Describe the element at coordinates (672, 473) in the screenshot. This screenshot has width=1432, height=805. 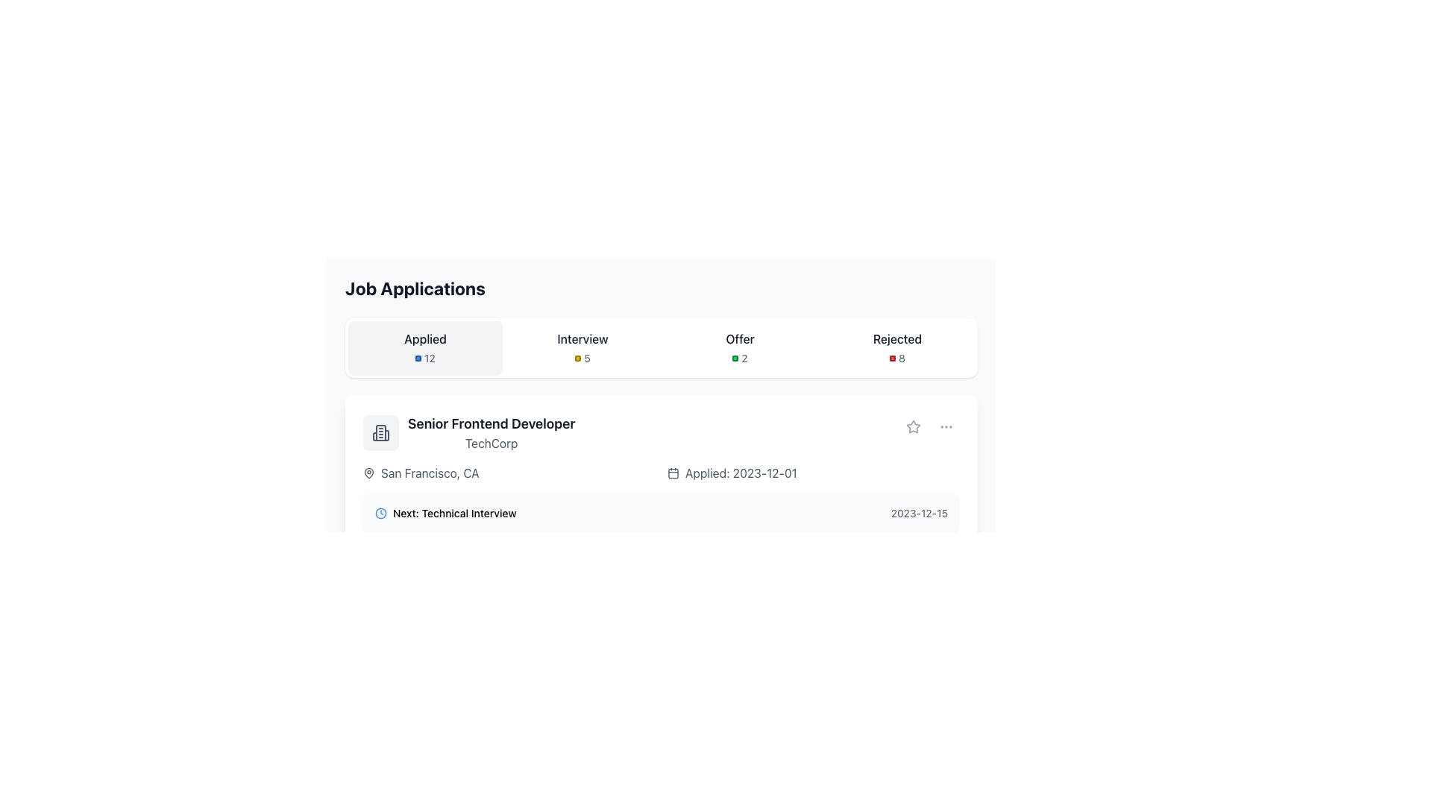
I see `the rectangular calendar icon with softly rounded corners located in the job application summary section` at that location.